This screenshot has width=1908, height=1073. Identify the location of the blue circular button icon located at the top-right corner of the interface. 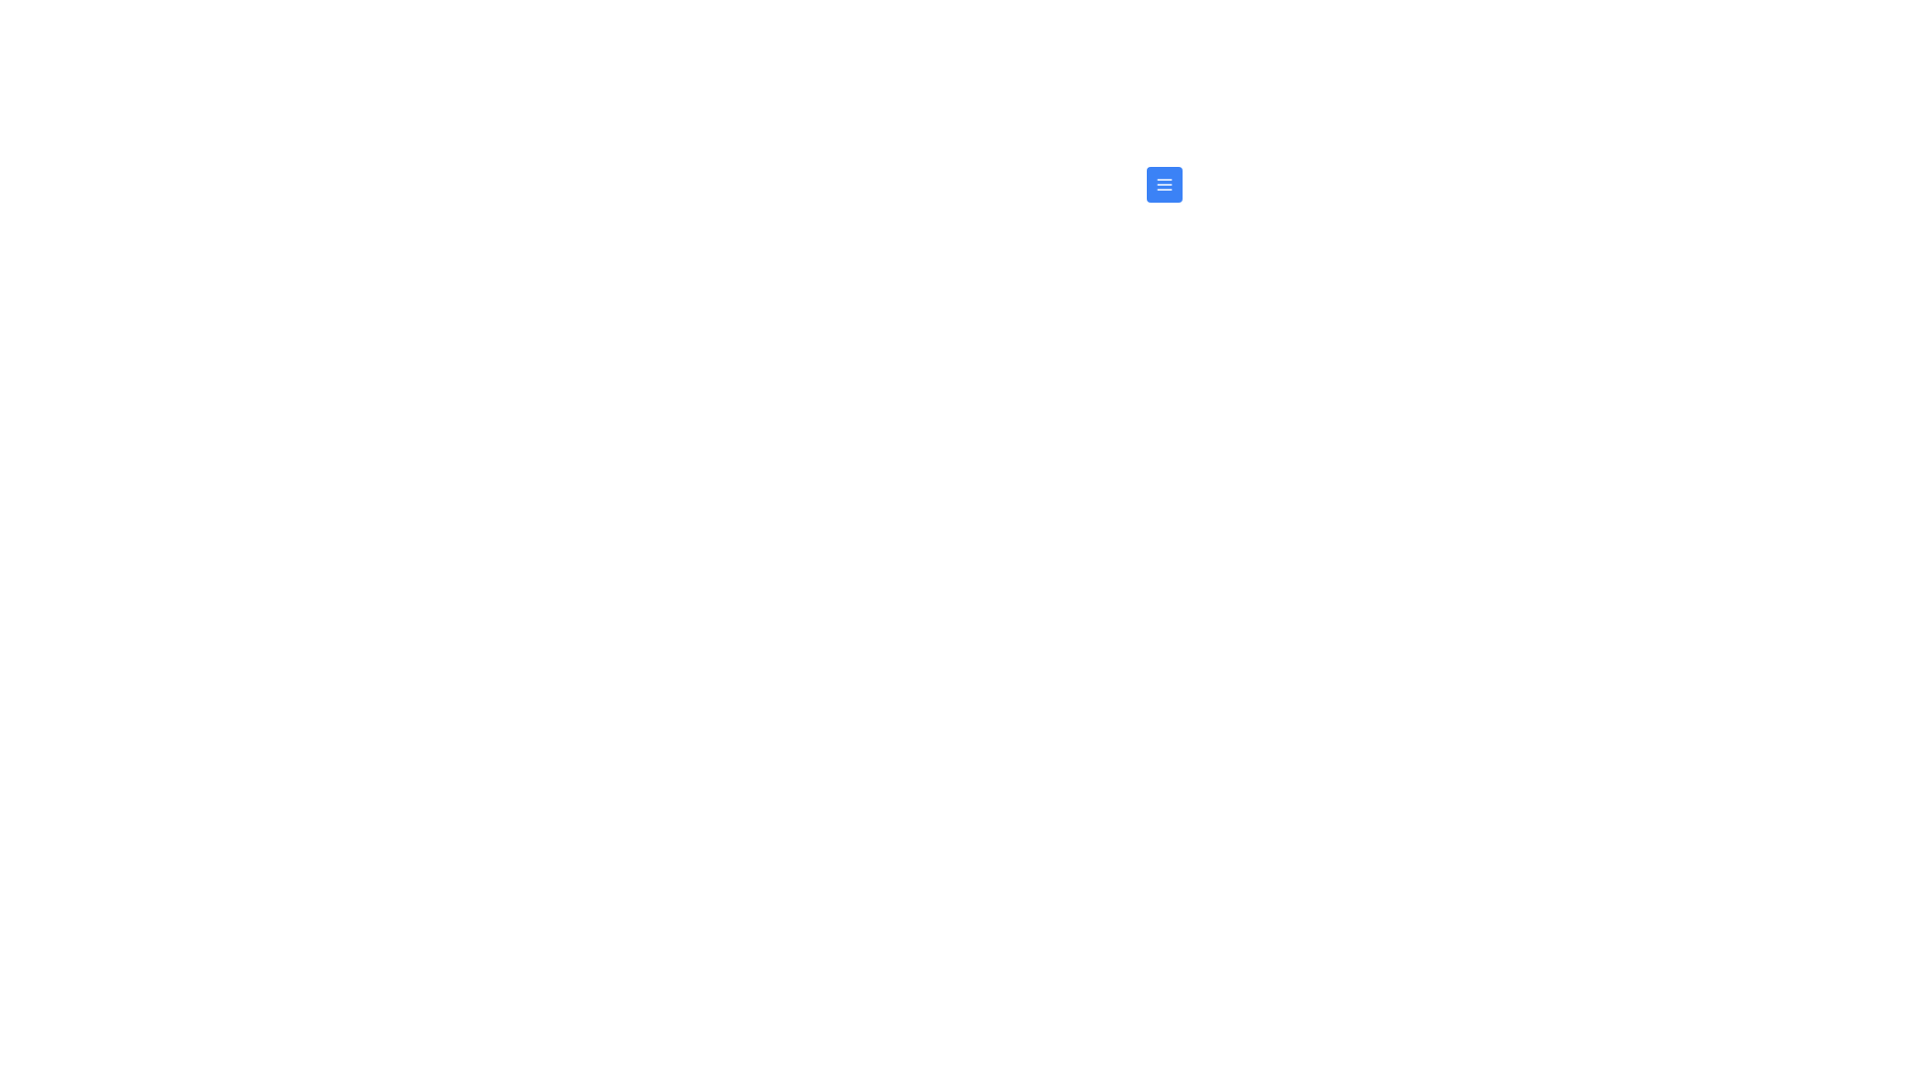
(1164, 184).